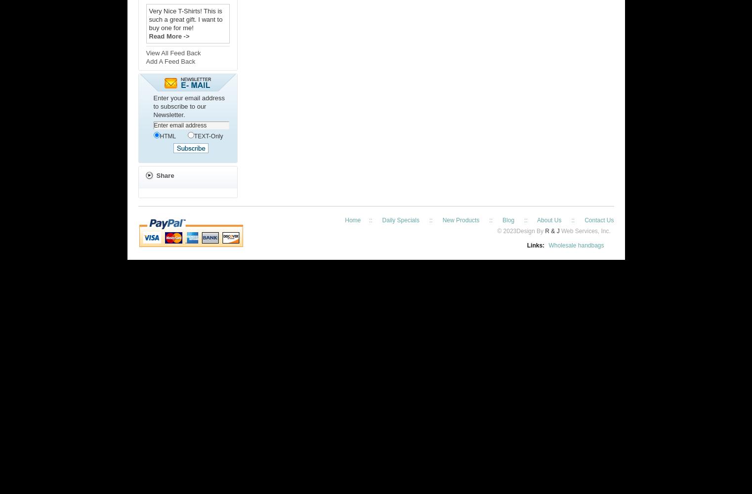  I want to click on 'Very Nice T-Shirts! This is such a great gift. I want to buy one for me!', so click(149, 19).